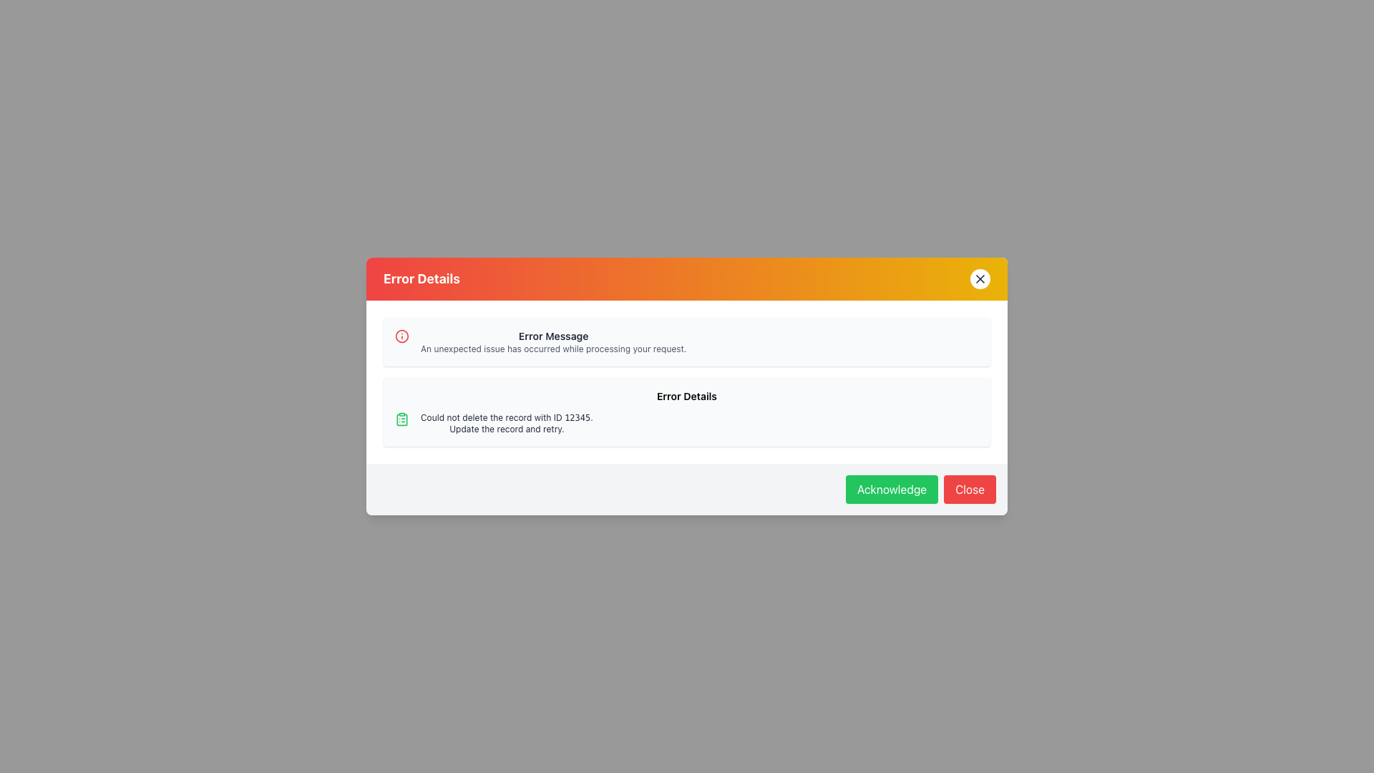 The height and width of the screenshot is (773, 1374). What do you see at coordinates (507, 417) in the screenshot?
I see `static text displaying the error message 'Could not delete the record with ID 12345.' located in the lower section of the error dialog box` at bounding box center [507, 417].